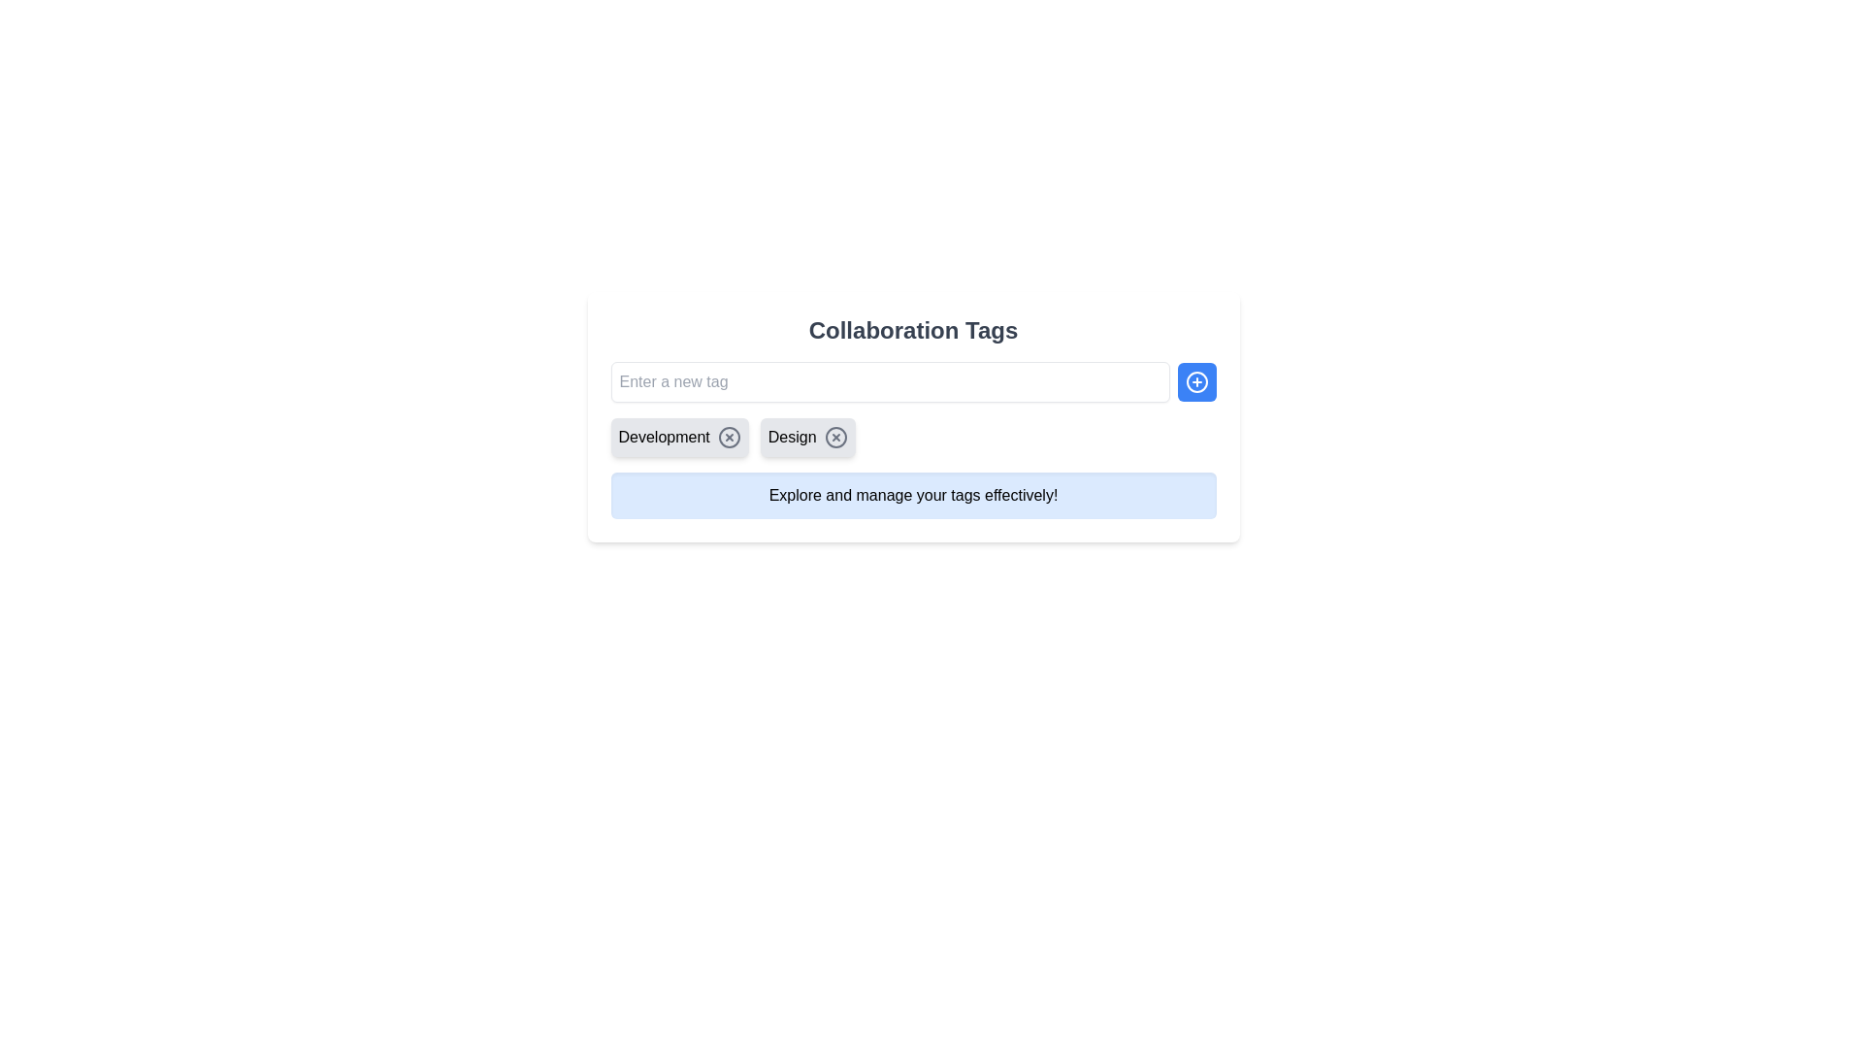  I want to click on the 'x' icon on the 'Development' tag element, so click(679, 438).